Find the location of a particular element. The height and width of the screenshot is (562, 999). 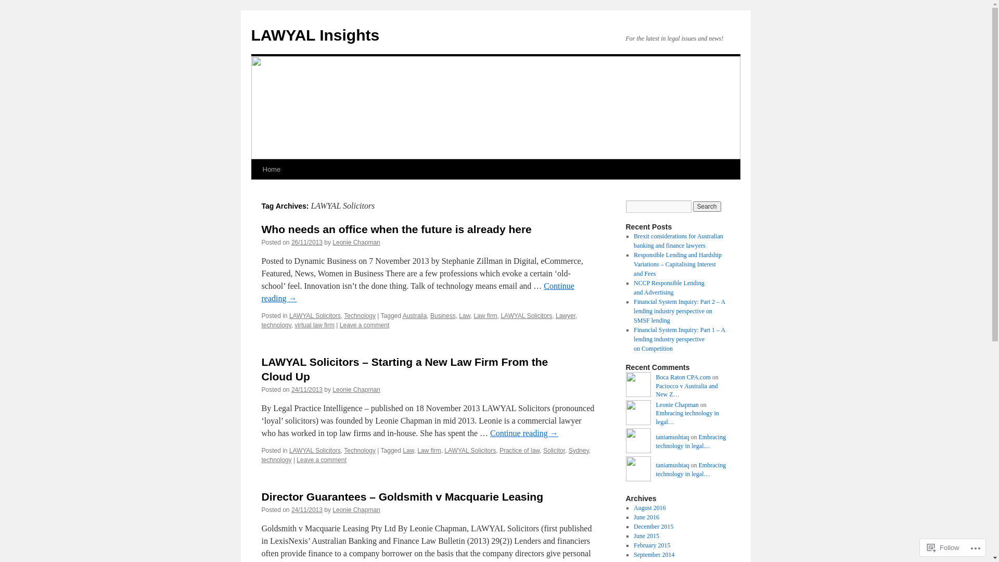

'LAWYAL Insights' is located at coordinates (314, 34).